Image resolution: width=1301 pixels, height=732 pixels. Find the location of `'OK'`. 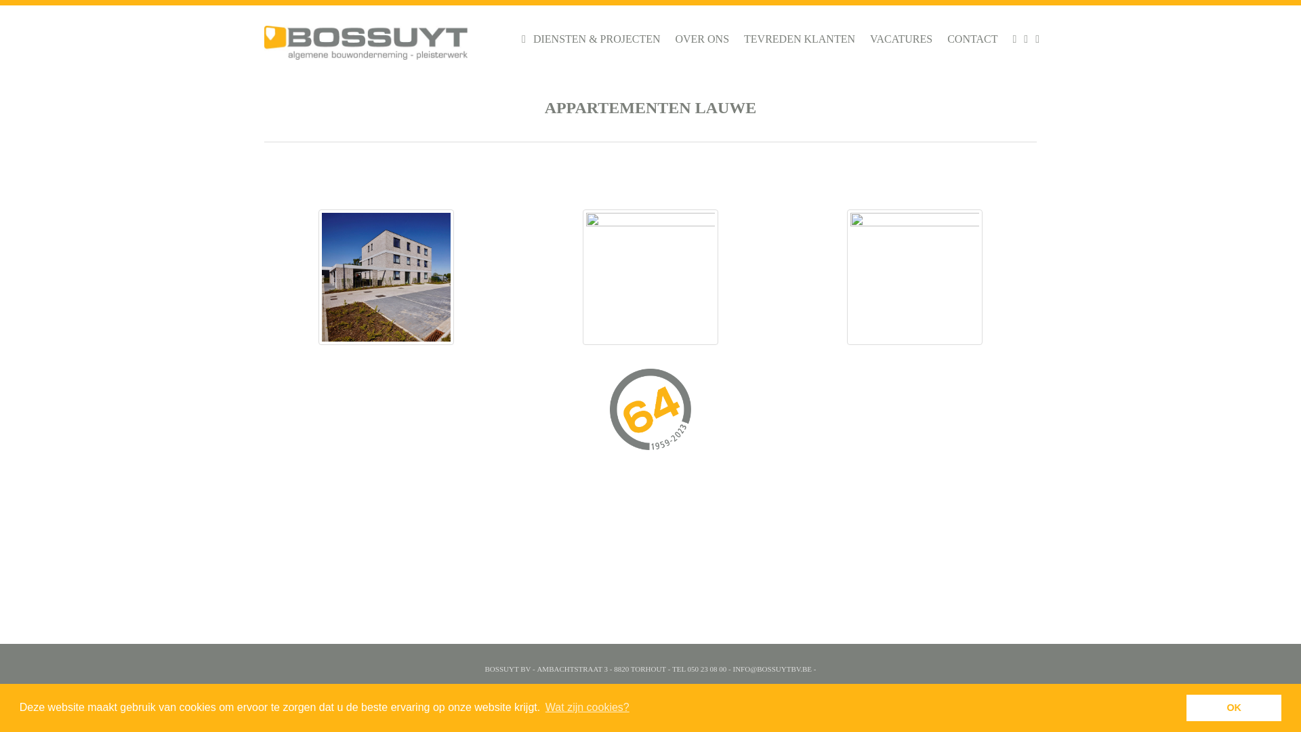

'OK' is located at coordinates (1233, 707).